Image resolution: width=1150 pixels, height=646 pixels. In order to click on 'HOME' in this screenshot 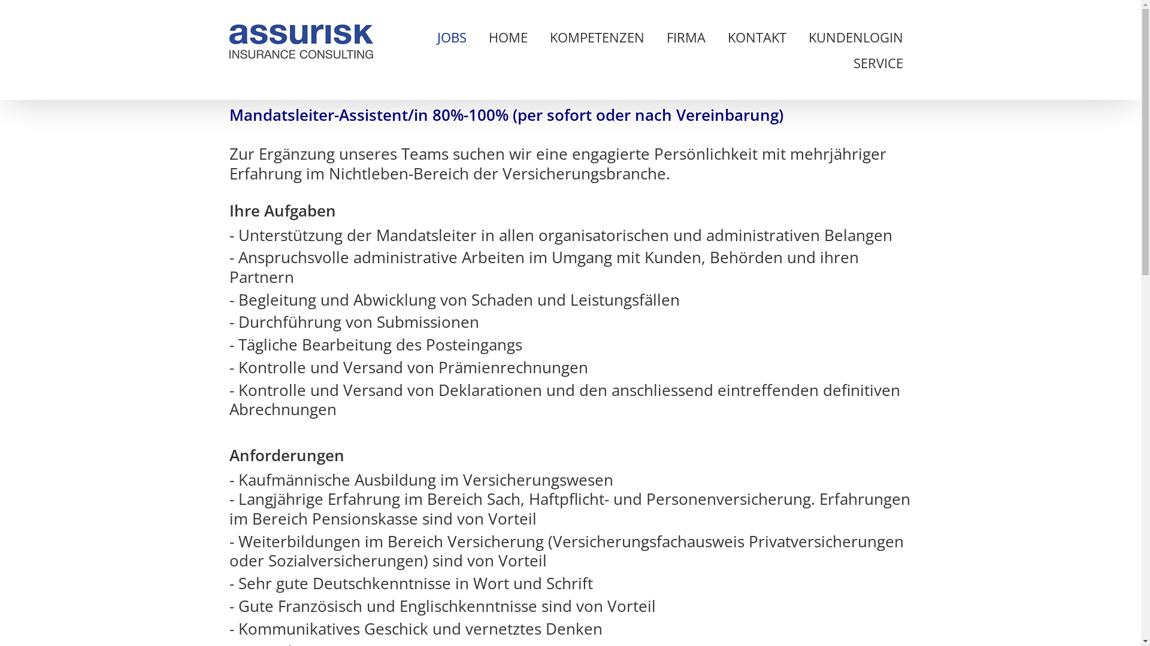, I will do `click(479, 36)`.